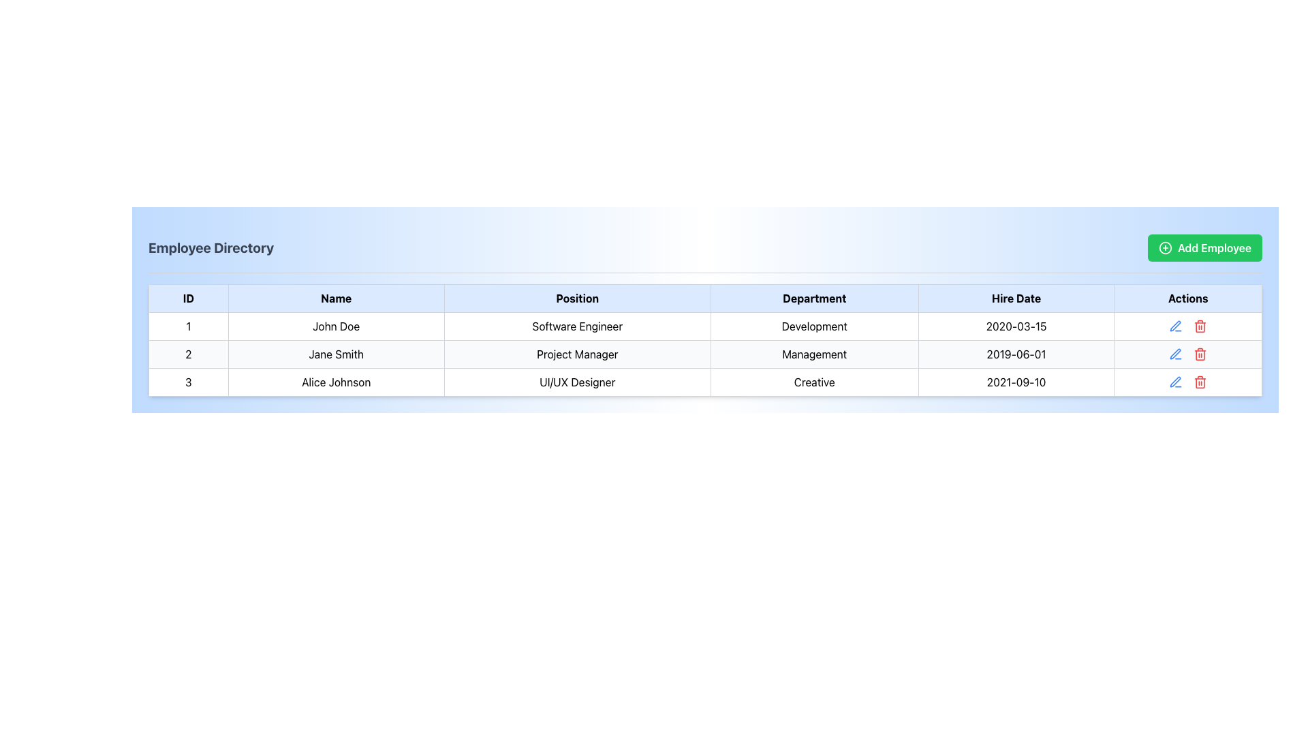 The image size is (1308, 736). I want to click on the SVG Circle that visually represents the outer circle of the '+' icon in the 'Add Employee' button located at the top-right corner of the employee directory interface, so click(1164, 247).